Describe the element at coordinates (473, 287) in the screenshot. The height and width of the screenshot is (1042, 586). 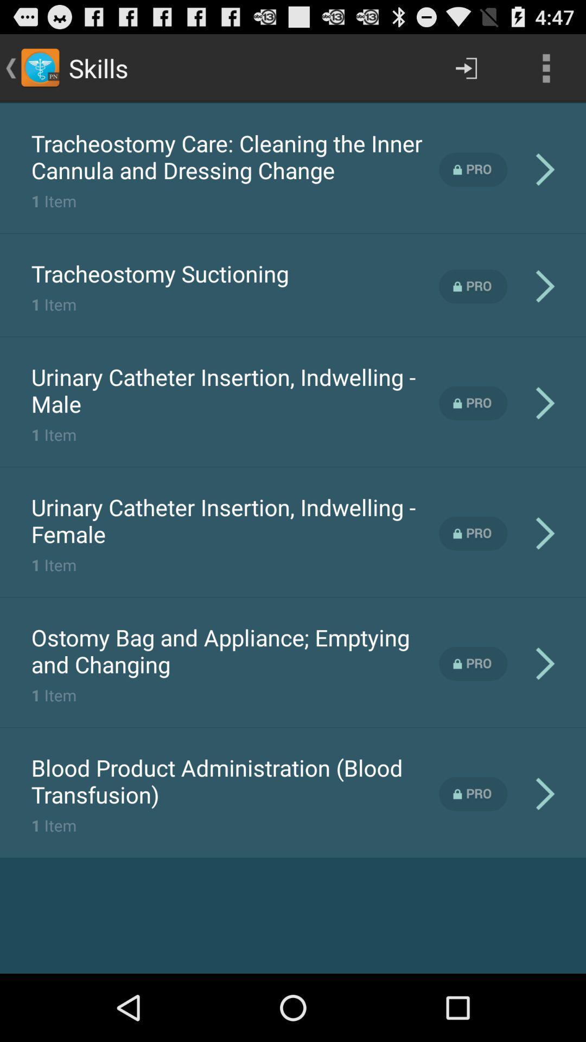
I see `need pro addition to unlock category` at that location.